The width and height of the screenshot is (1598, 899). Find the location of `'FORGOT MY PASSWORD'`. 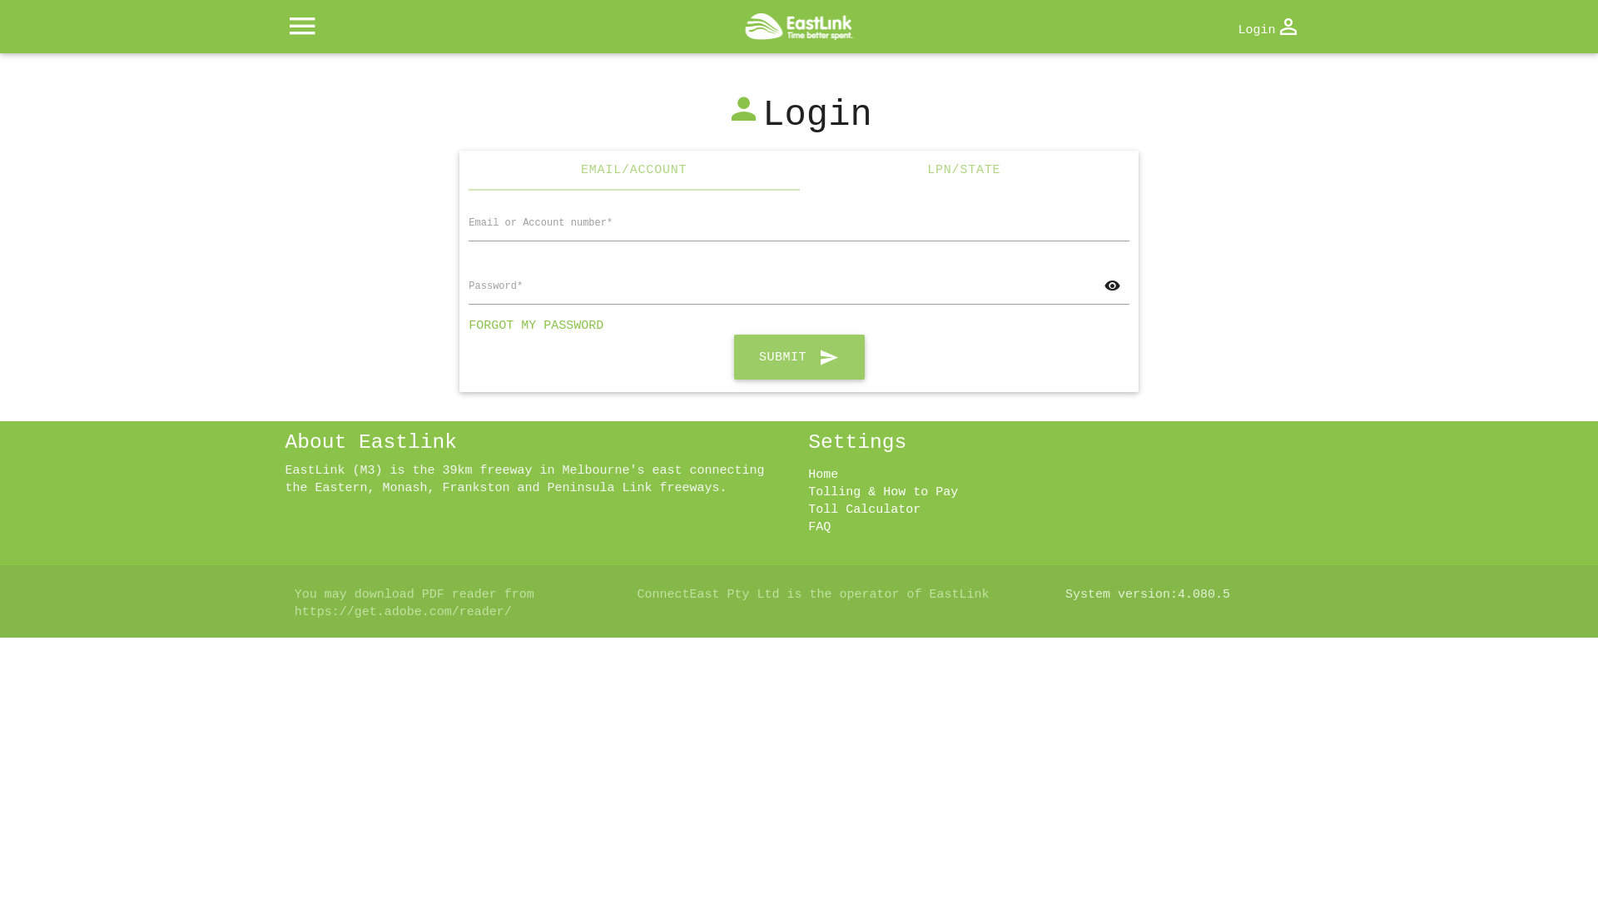

'FORGOT MY PASSWORD' is located at coordinates (535, 325).